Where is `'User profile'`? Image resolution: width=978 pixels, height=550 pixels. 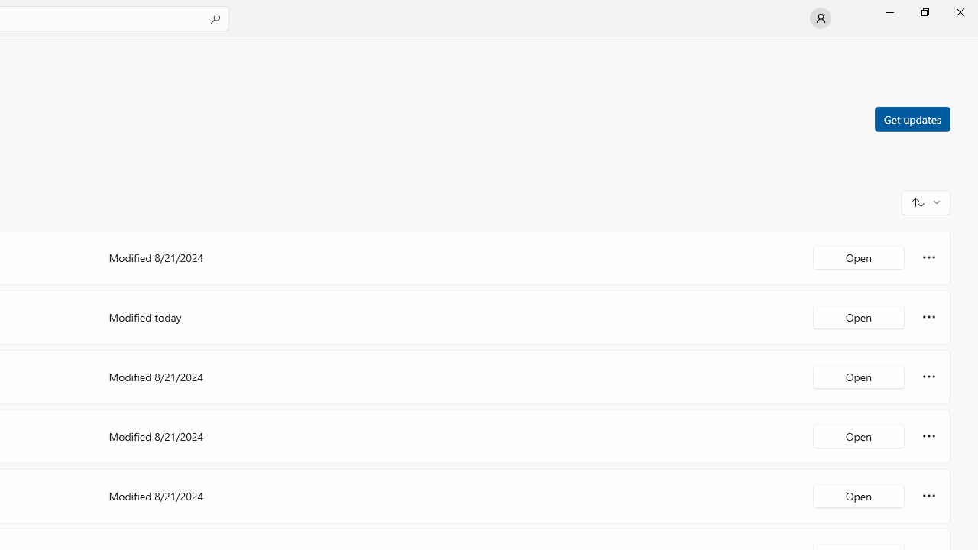
'User profile' is located at coordinates (819, 18).